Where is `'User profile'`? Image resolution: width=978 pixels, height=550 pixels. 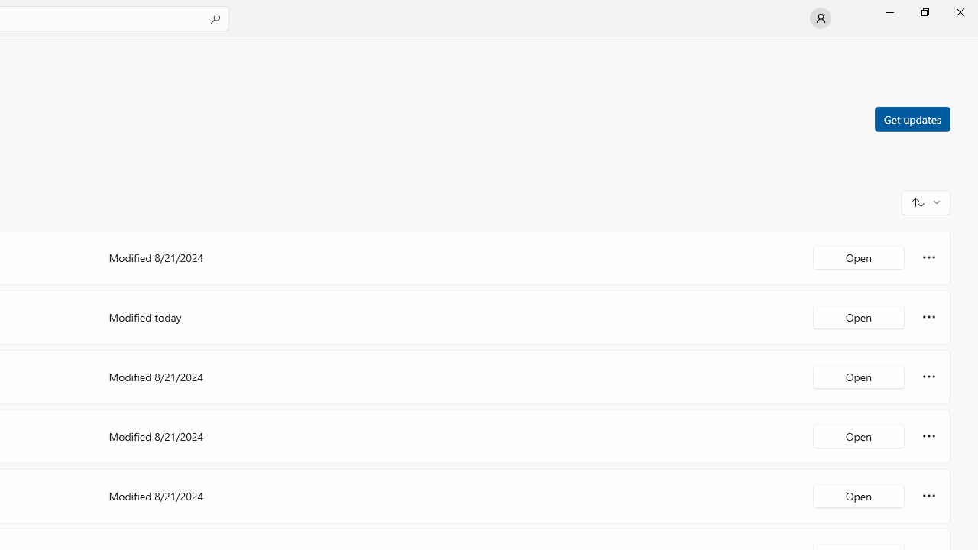
'User profile' is located at coordinates (819, 18).